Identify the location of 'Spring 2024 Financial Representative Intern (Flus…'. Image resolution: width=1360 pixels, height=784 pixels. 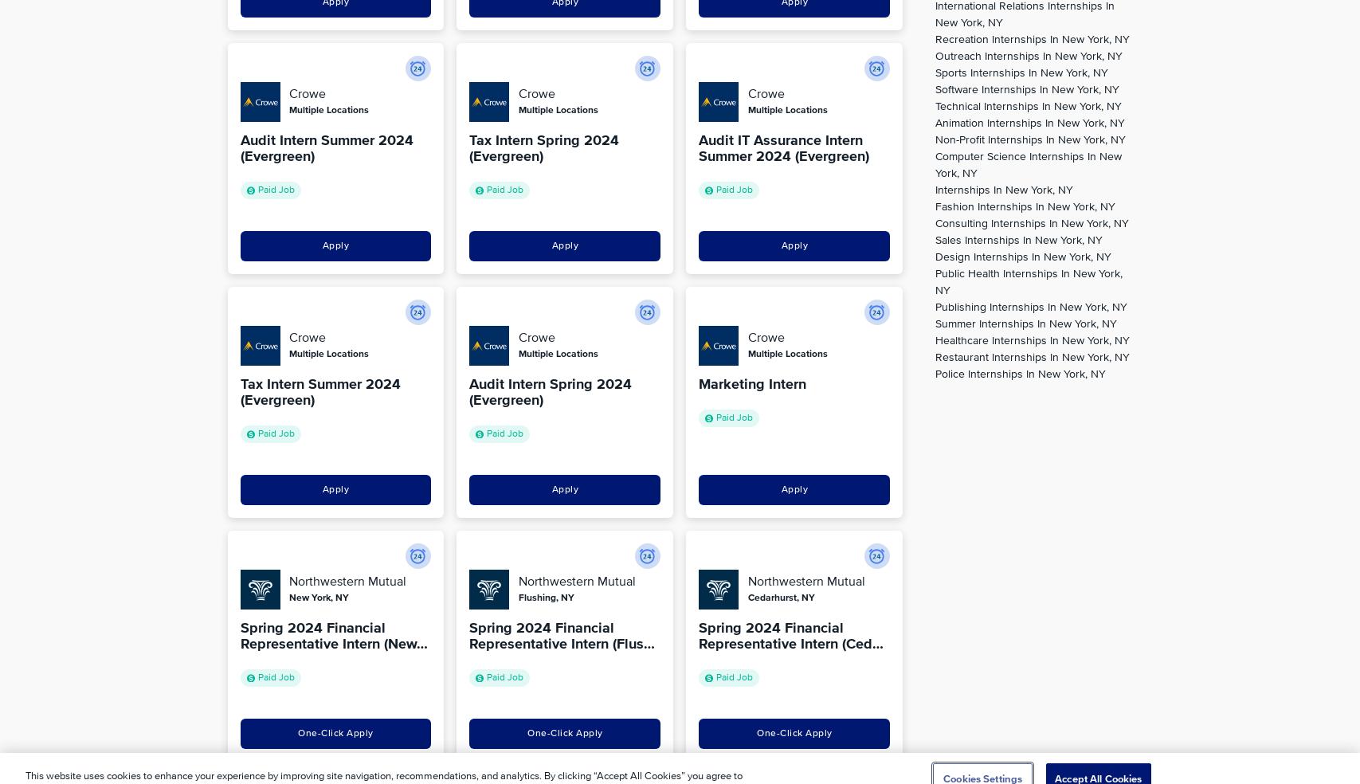
(562, 635).